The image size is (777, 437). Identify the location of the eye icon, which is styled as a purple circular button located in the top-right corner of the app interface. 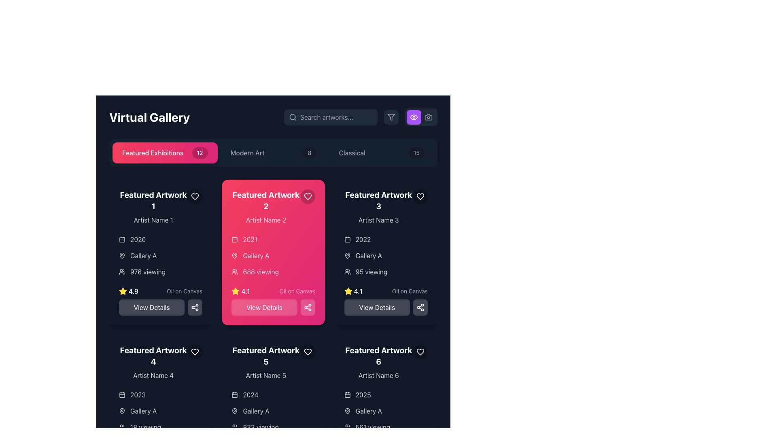
(414, 117).